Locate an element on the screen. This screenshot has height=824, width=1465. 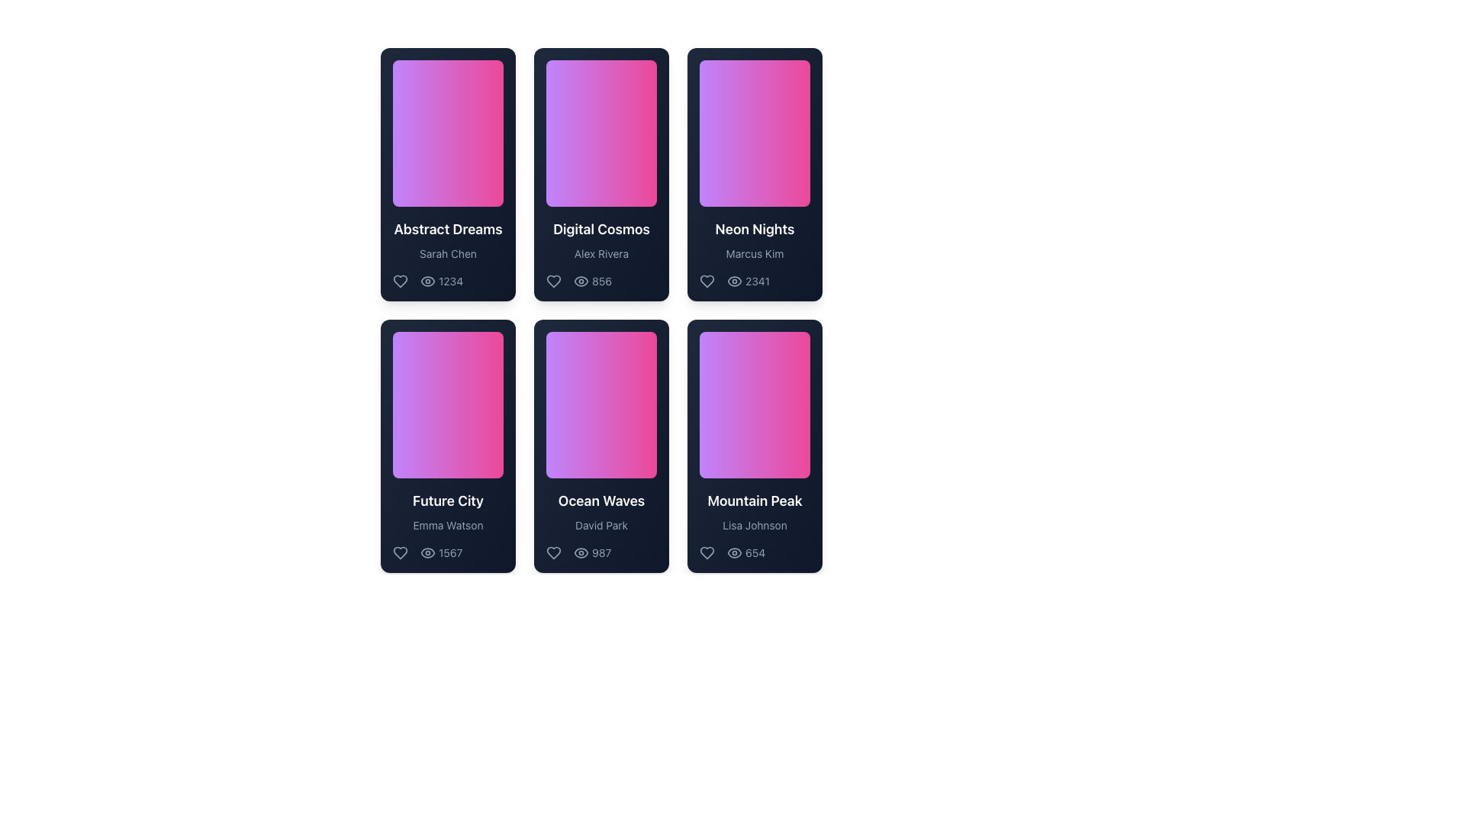
view count displayed next to the eye icon, which shows the numeric text '2341' in a muted font color, located at the bottom-right corner of the 'Neon Nights' card is located at coordinates (748, 282).